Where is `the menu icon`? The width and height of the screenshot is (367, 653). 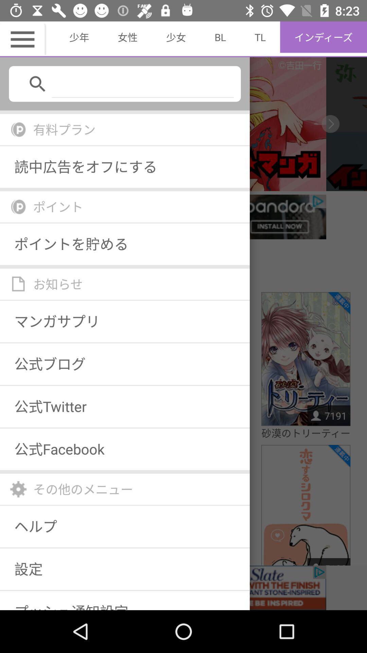 the menu icon is located at coordinates (23, 39).